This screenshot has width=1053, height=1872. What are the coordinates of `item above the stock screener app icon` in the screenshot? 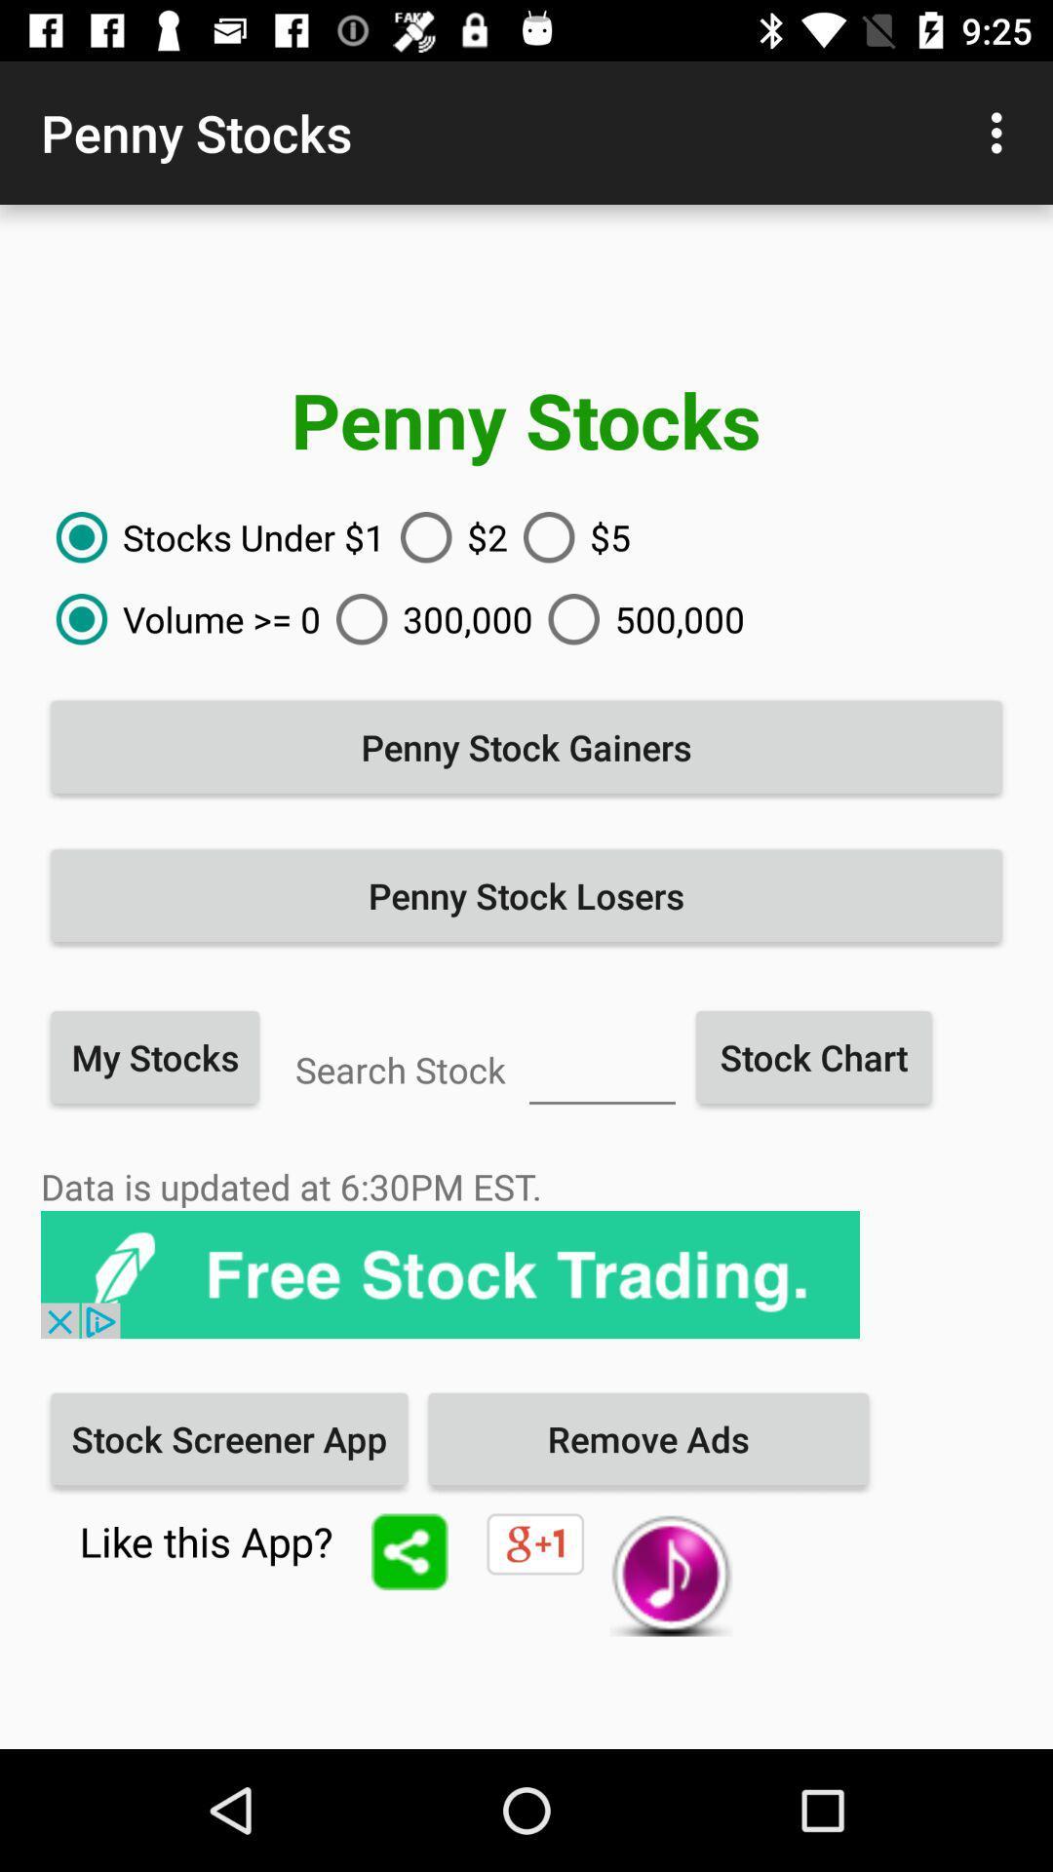 It's located at (450, 1274).